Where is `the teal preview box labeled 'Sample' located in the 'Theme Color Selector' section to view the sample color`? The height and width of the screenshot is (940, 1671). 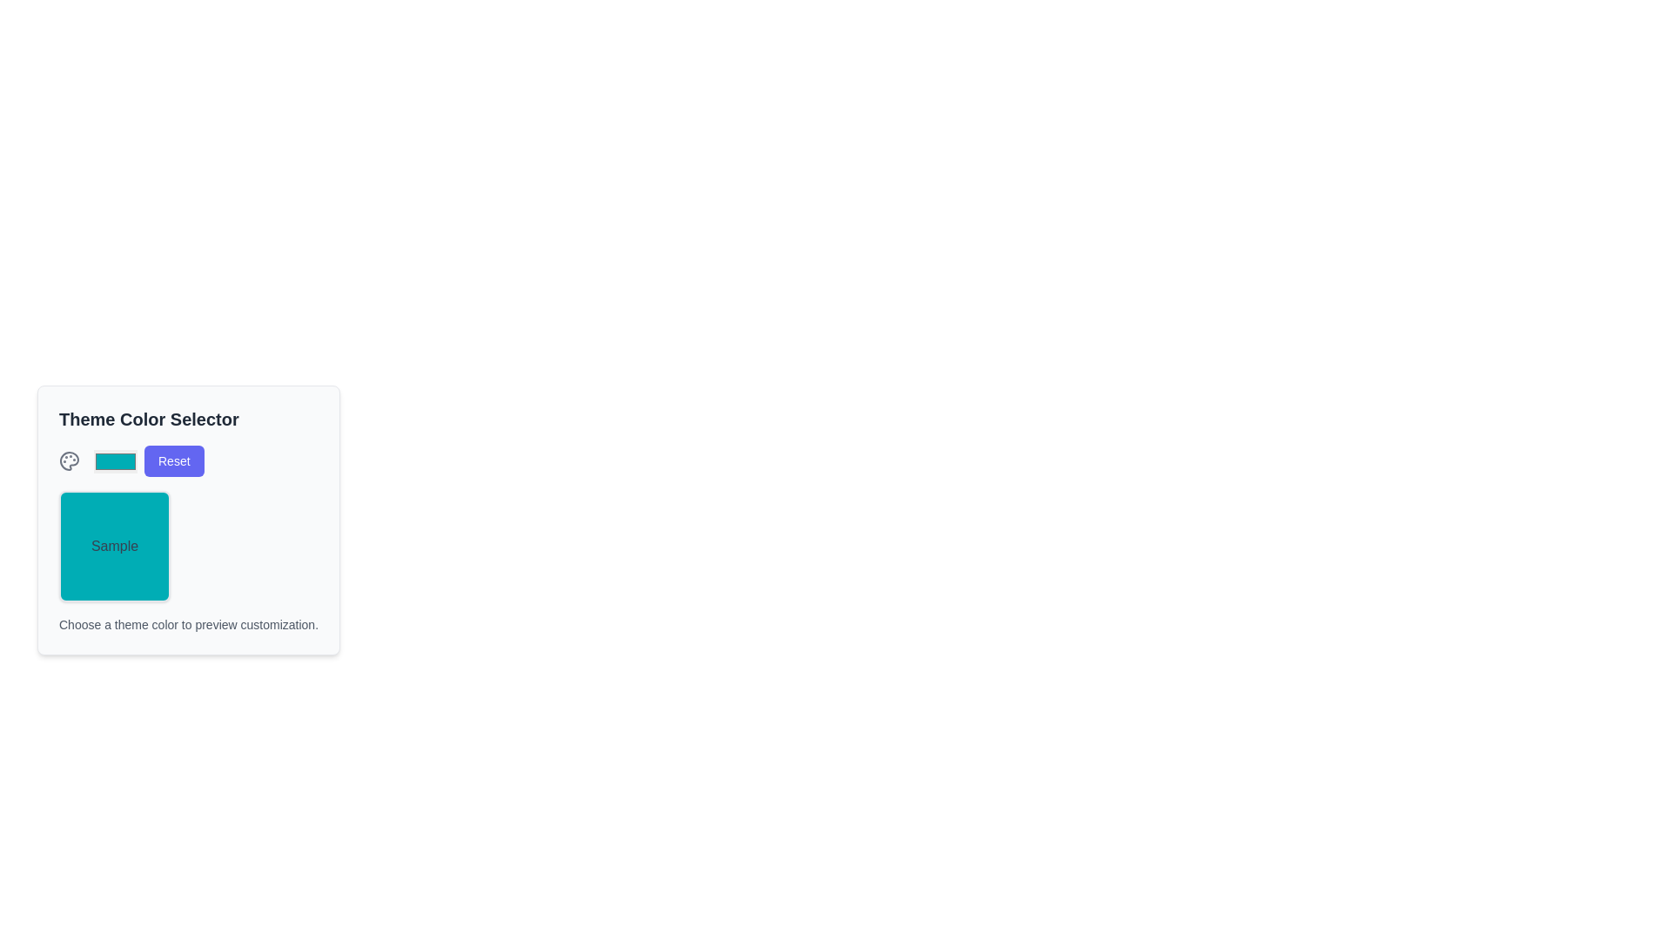 the teal preview box labeled 'Sample' located in the 'Theme Color Selector' section to view the sample color is located at coordinates (114, 546).